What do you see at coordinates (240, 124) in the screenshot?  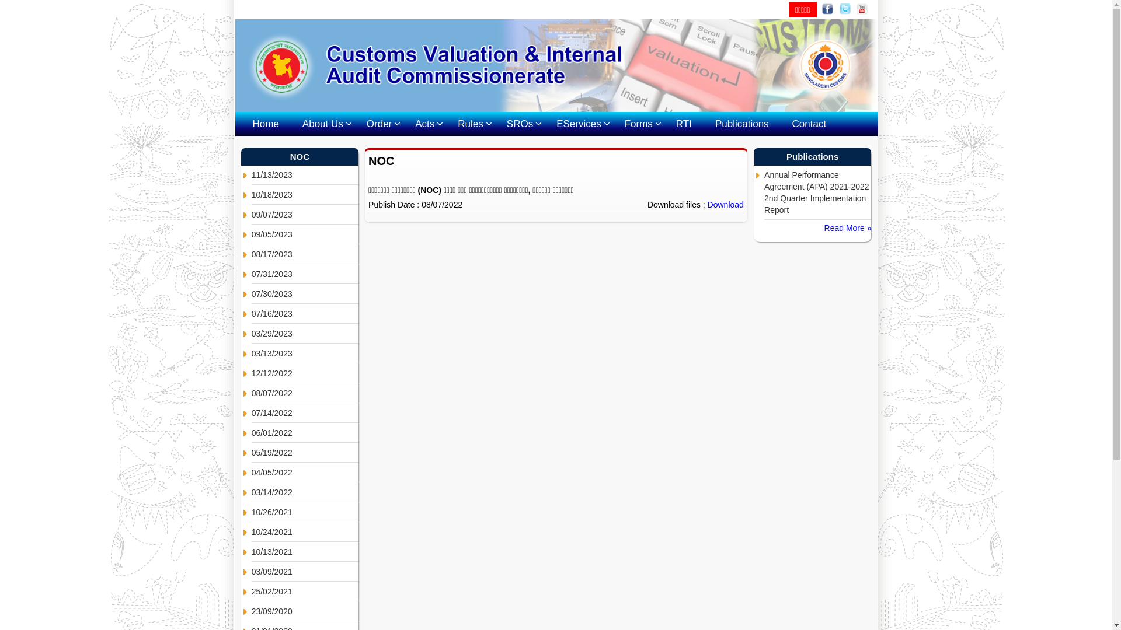 I see `'Home'` at bounding box center [240, 124].